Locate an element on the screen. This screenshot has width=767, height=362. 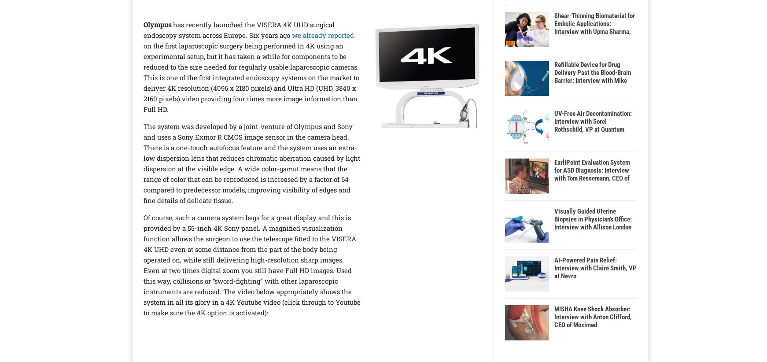
'The system was developed by a joint-venture of Olympus and Sony and uses a Sony Exmor R CMOS image sensor in the camera head. There is a one-touch autofocus feature and the system uses an extra-low dispersion lens that reduces chromatic aberration caused by light dispersion at the visible edge. A wide color-gamut means that the range of color that can be reproduced is increased by a factor of 64 compared to predecessor models, improving visibility of edges and fine details of delicate tissue.' is located at coordinates (252, 163).